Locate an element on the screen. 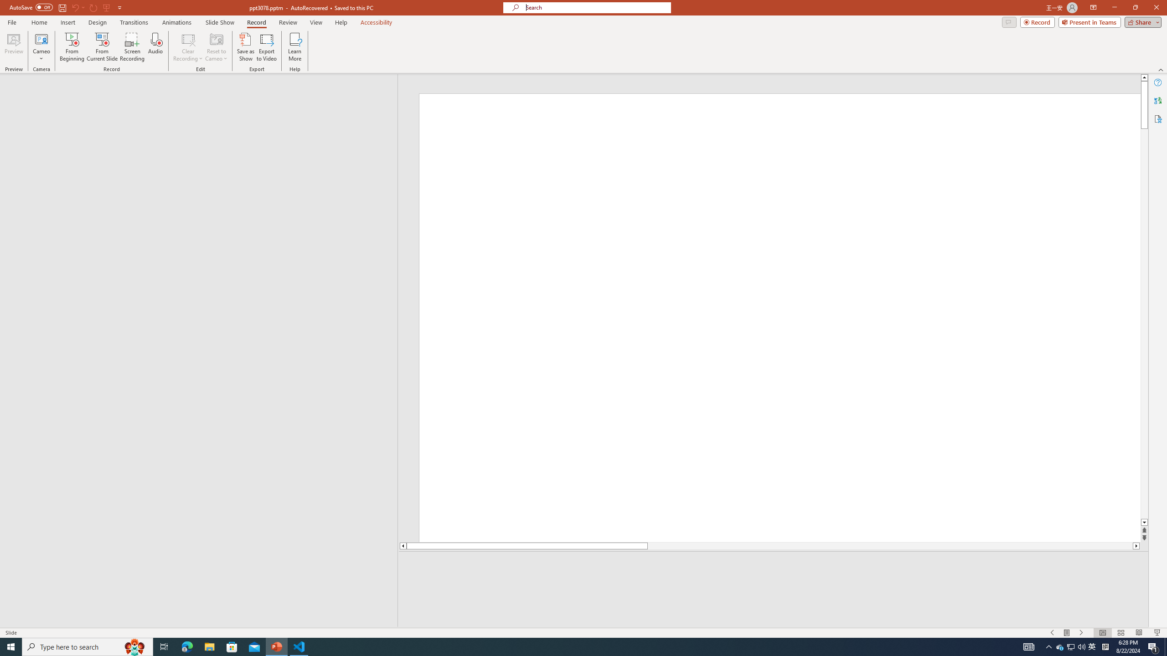 The image size is (1167, 656). 'Save as Show' is located at coordinates (245, 47).